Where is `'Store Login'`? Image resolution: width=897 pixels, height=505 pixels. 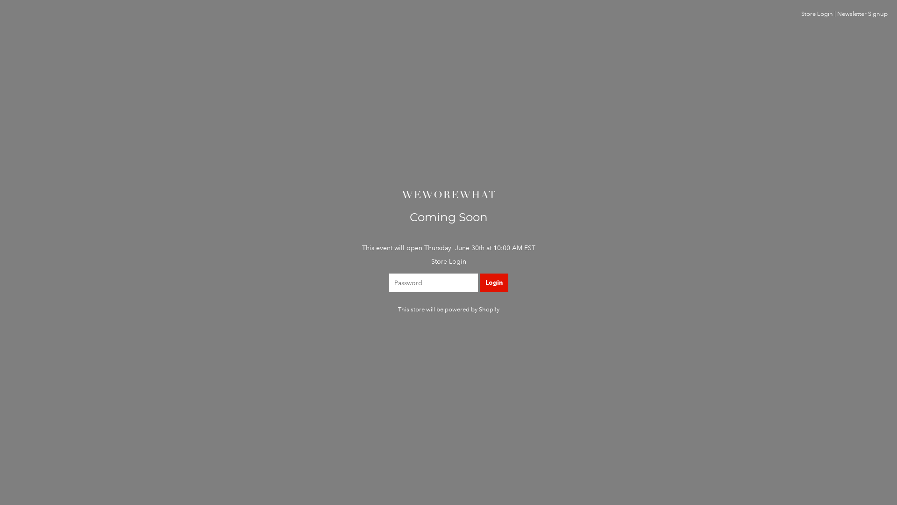 'Store Login' is located at coordinates (816, 14).